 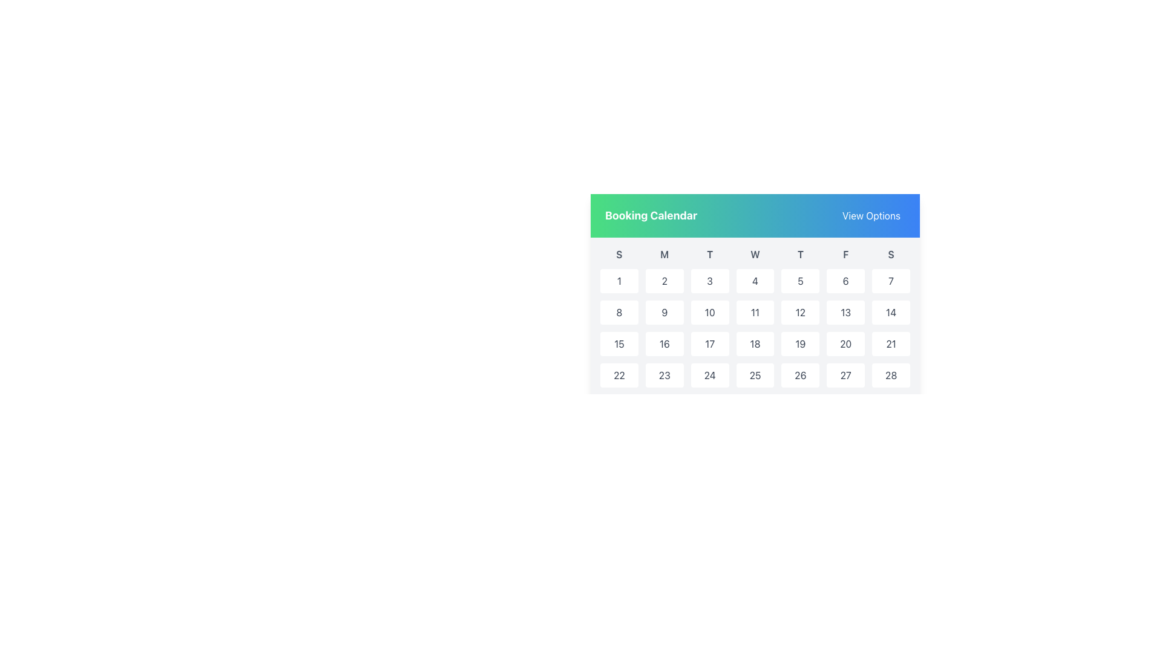 I want to click on the selectable day element in the calendar grid located in the second column and second row, under the 'M' header, so click(x=664, y=281).